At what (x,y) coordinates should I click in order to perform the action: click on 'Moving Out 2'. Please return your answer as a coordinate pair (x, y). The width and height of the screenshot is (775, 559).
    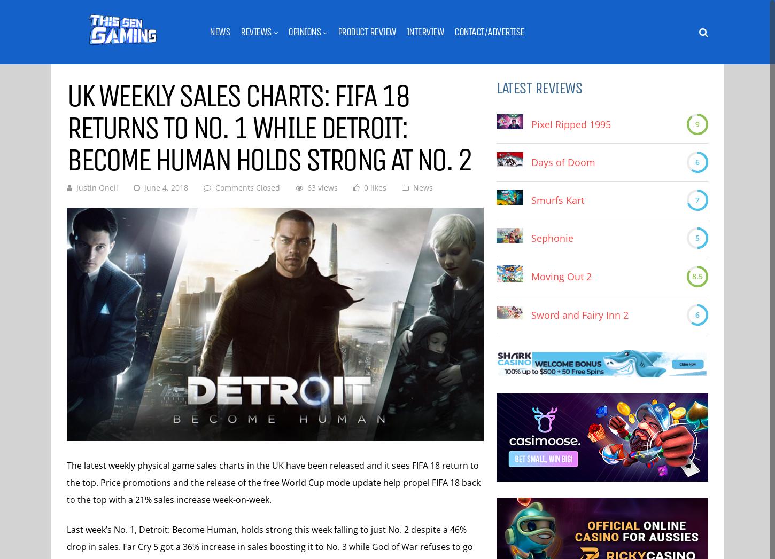
    Looking at the image, I should click on (561, 275).